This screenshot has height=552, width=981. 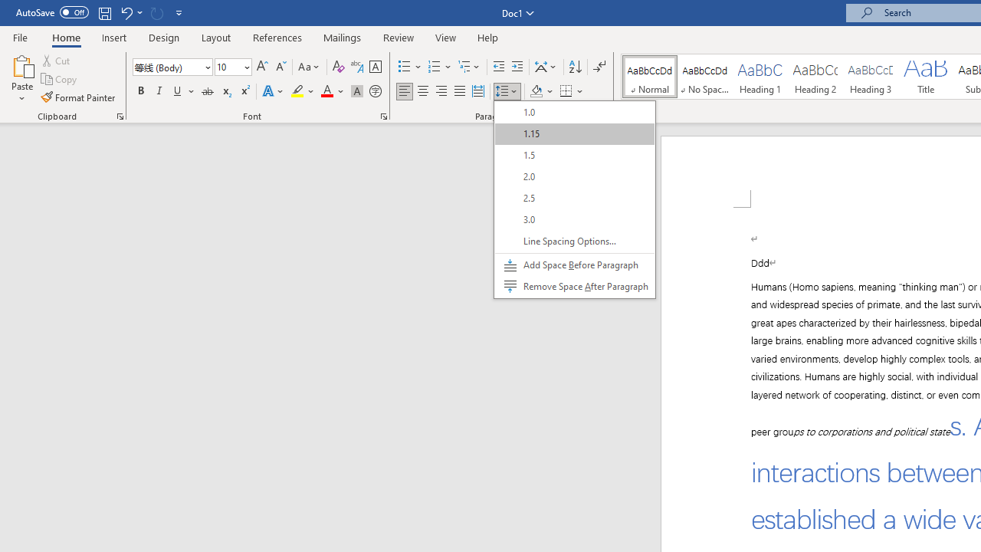 What do you see at coordinates (477, 91) in the screenshot?
I see `'Distributed'` at bounding box center [477, 91].